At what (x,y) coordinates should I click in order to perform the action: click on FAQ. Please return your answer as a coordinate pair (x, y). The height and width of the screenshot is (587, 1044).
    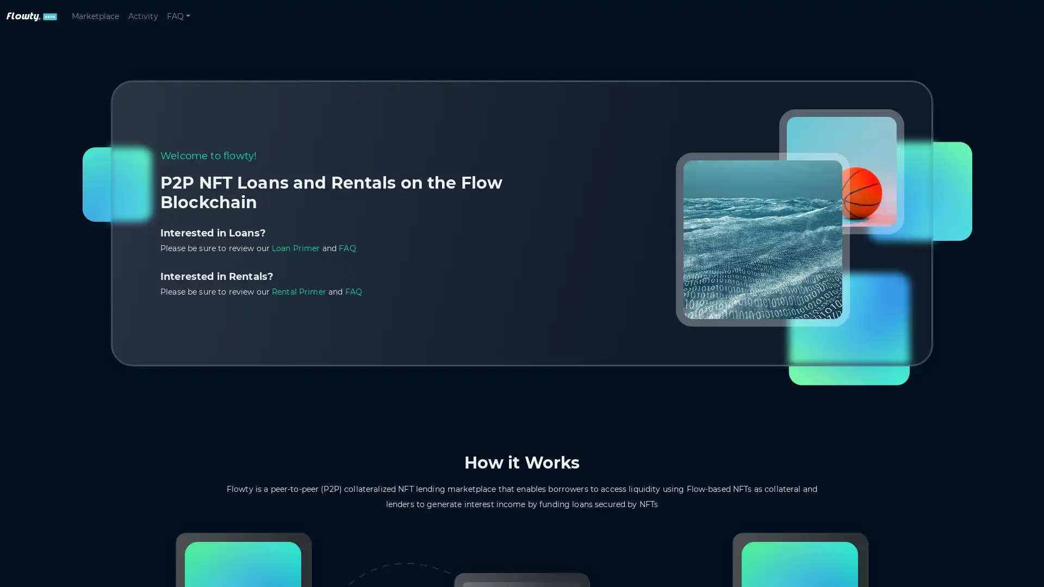
    Looking at the image, I should click on (178, 18).